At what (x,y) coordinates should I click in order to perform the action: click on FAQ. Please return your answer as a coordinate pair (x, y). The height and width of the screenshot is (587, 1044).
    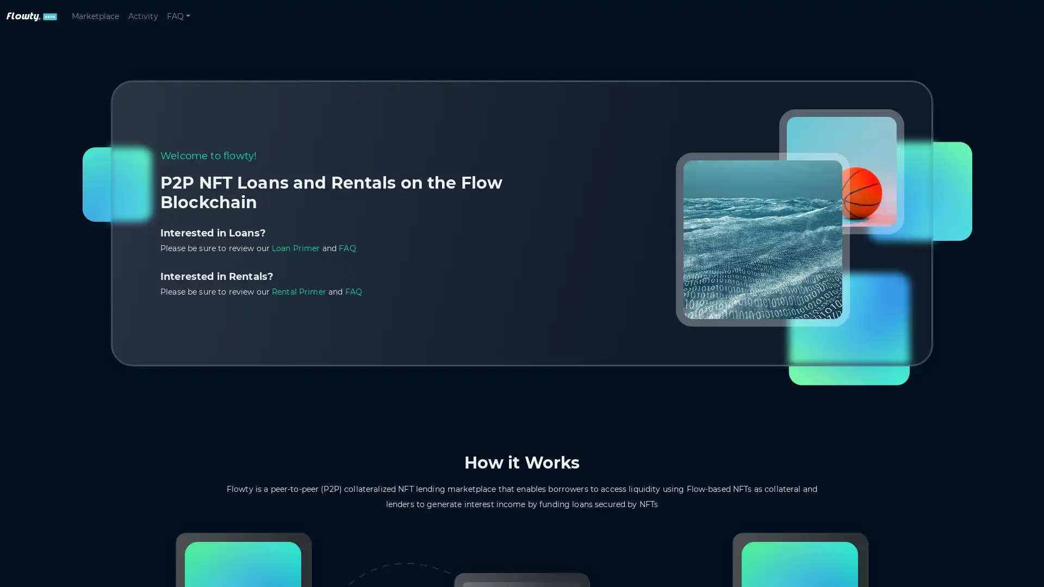
    Looking at the image, I should click on (178, 18).